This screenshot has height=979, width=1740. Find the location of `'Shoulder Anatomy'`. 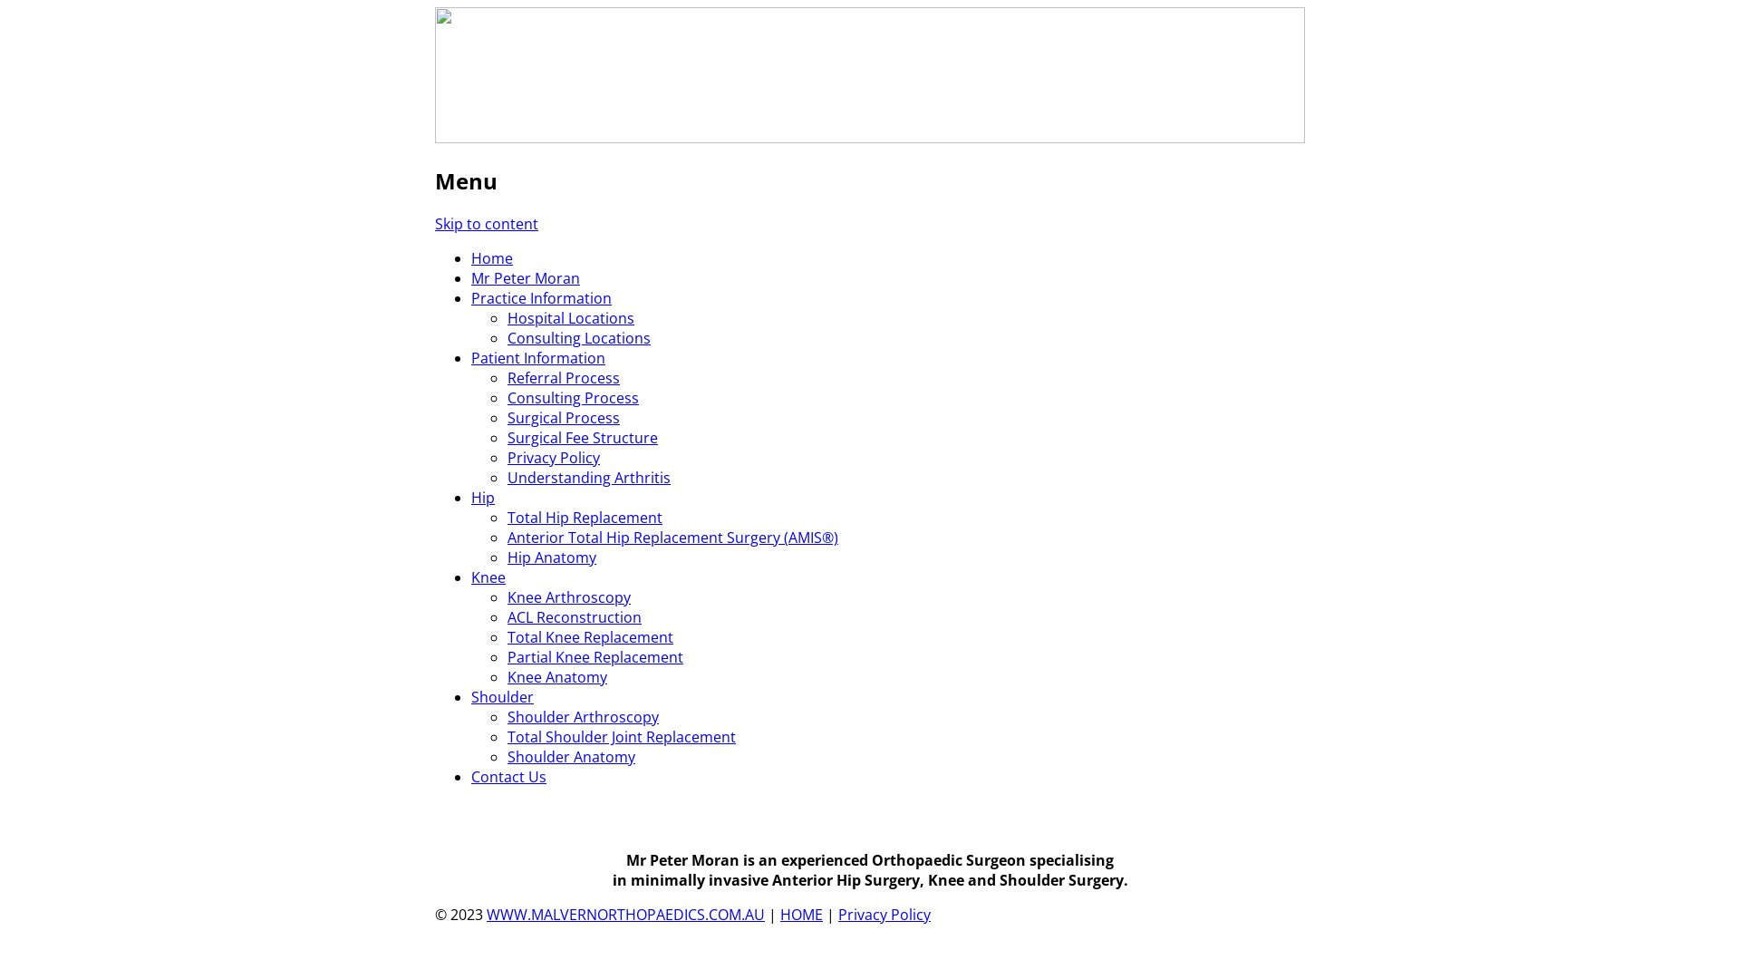

'Shoulder Anatomy' is located at coordinates (570, 756).